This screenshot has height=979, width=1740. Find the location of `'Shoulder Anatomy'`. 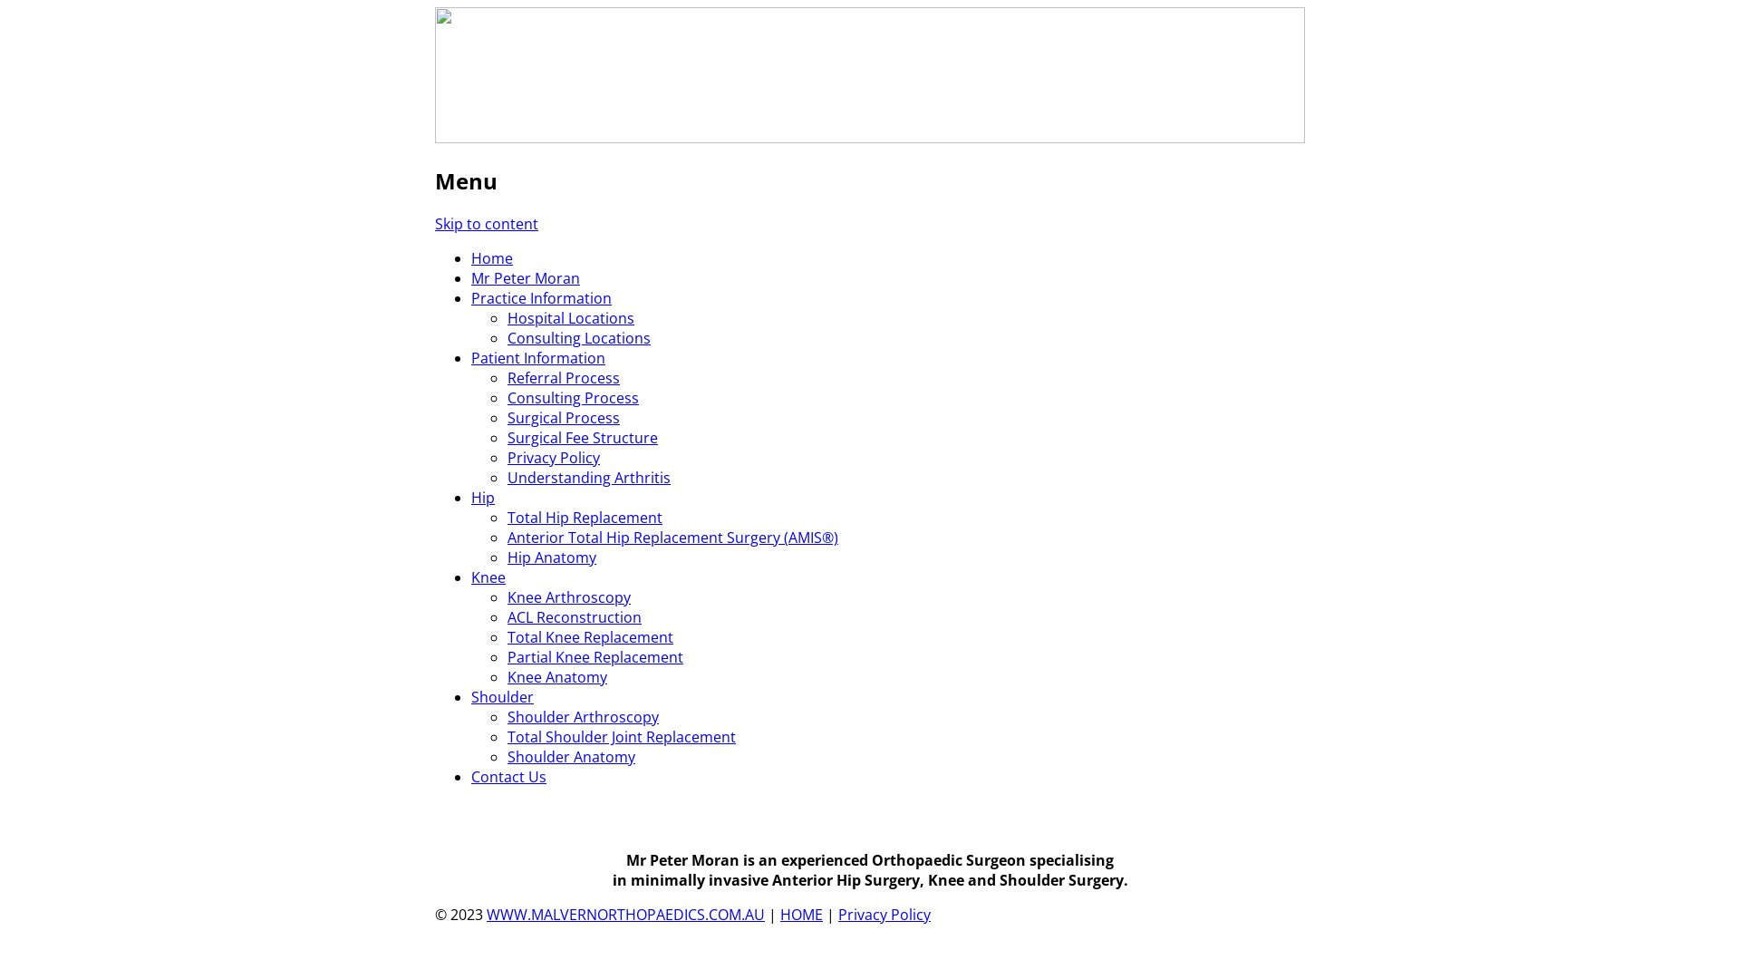

'Shoulder Anatomy' is located at coordinates (570, 756).